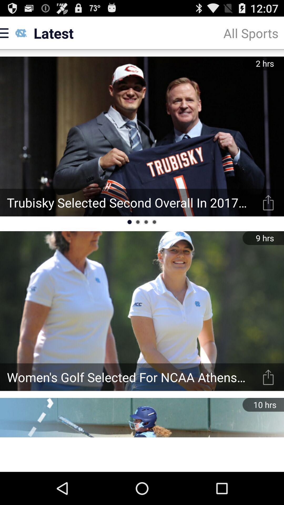  I want to click on read story, so click(268, 202).